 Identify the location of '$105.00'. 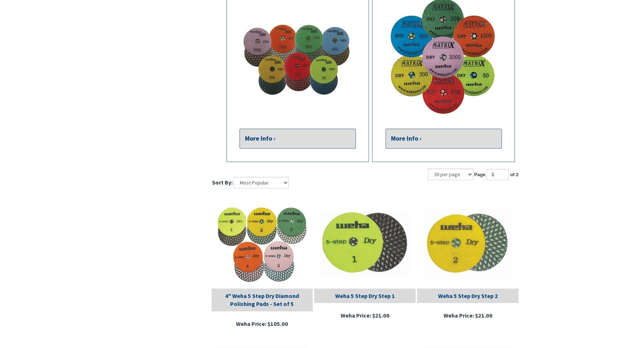
(277, 323).